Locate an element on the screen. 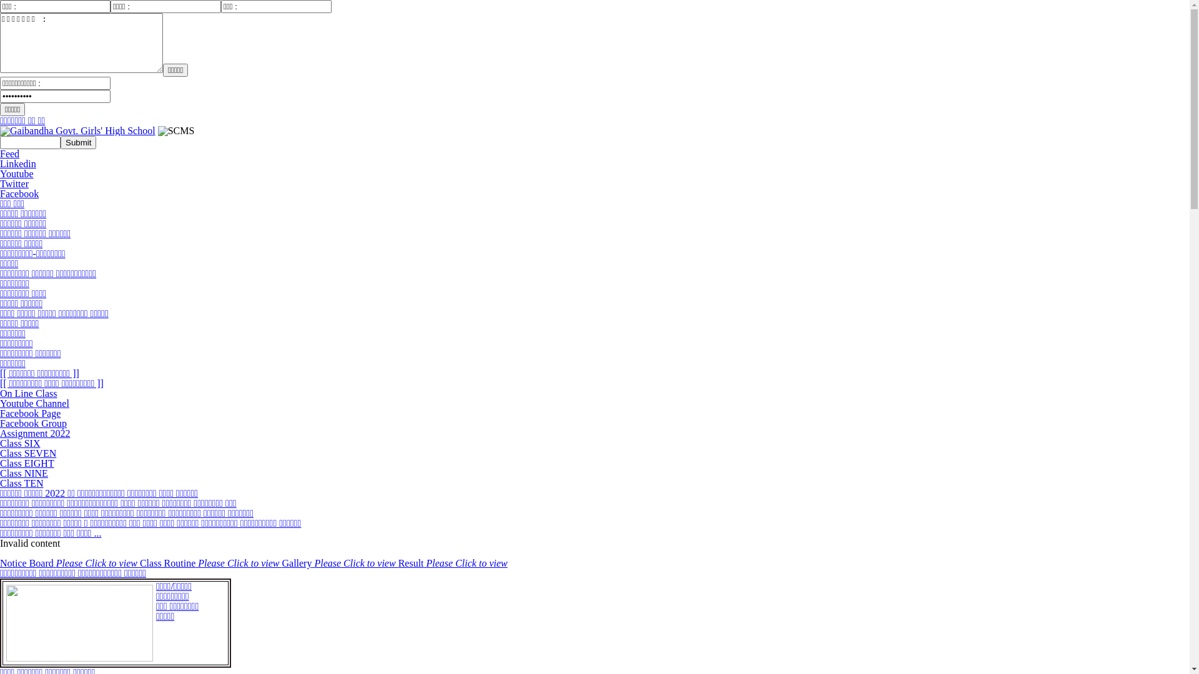  'Class SIX' is located at coordinates (20, 442).